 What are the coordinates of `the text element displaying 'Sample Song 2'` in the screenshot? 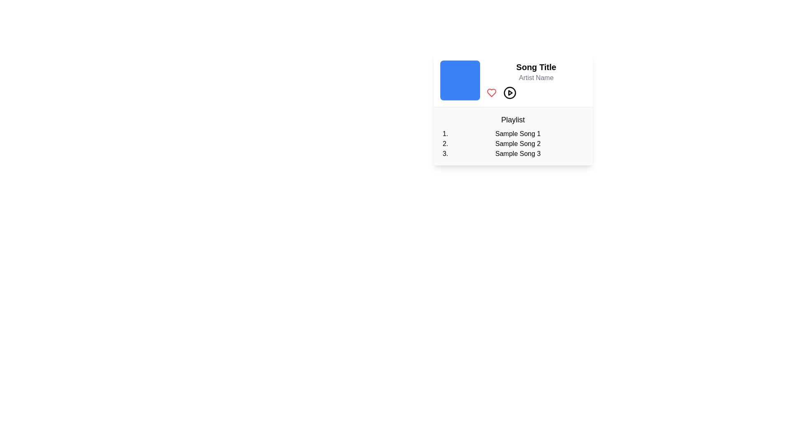 It's located at (517, 144).